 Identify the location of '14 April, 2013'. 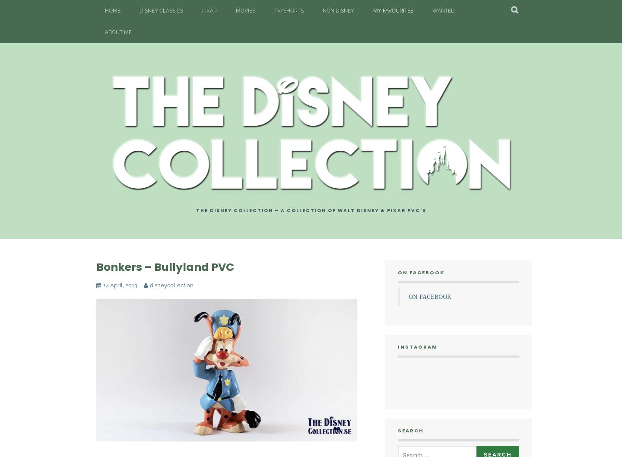
(120, 285).